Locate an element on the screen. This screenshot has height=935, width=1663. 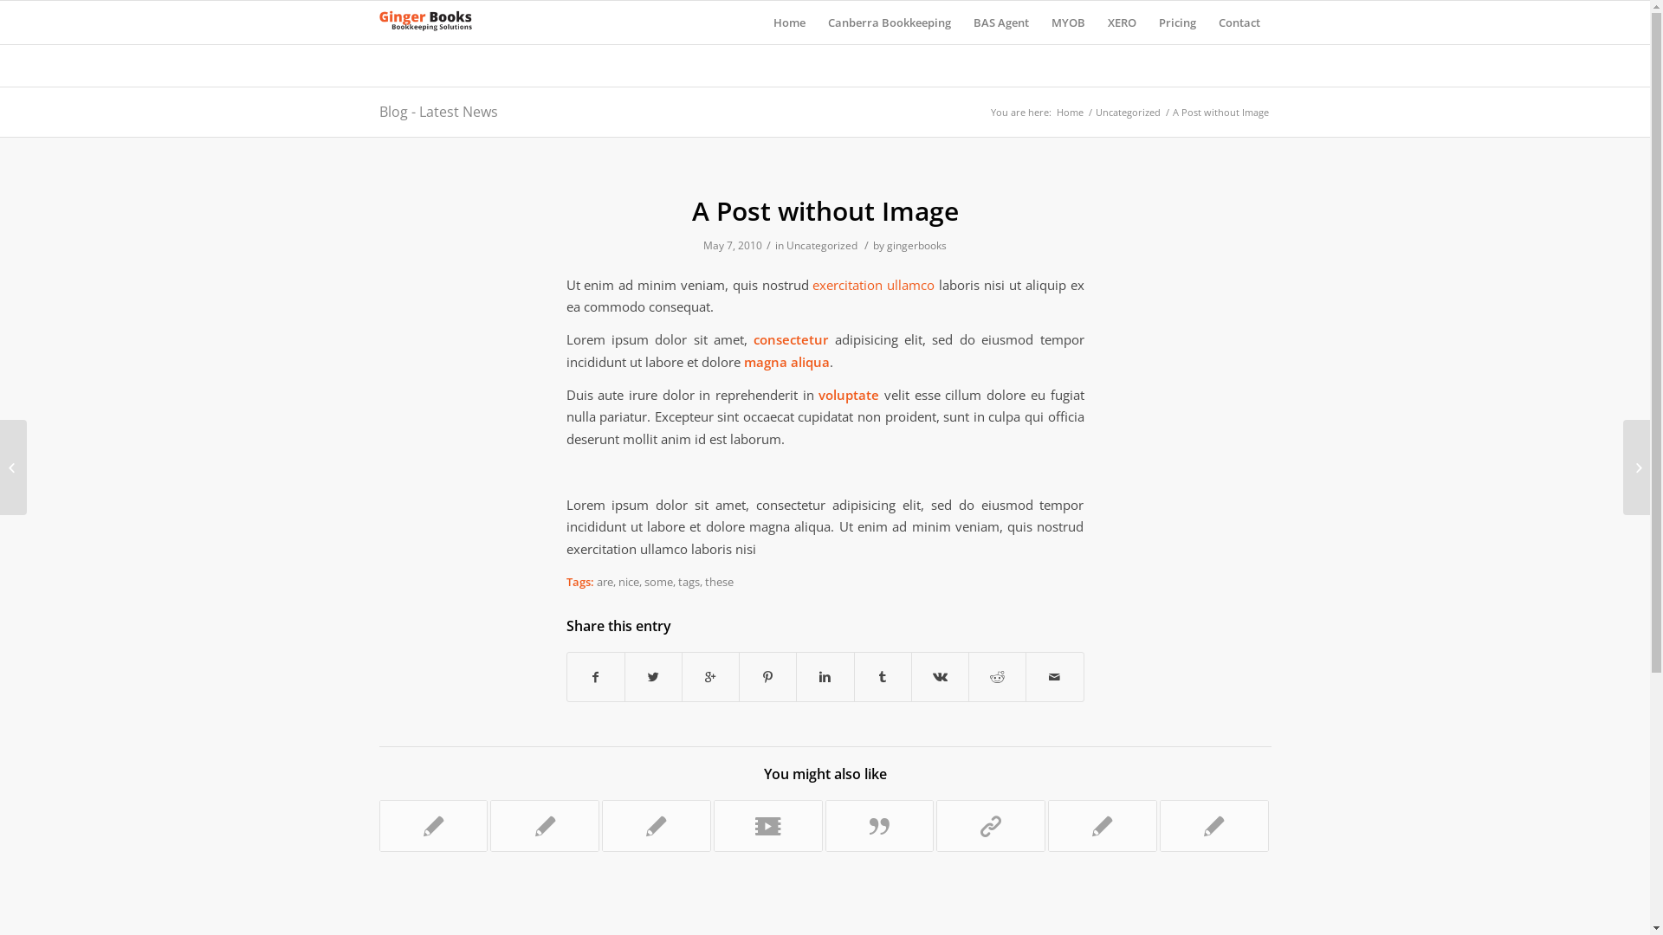
'exercitation ullamco' is located at coordinates (873, 283).